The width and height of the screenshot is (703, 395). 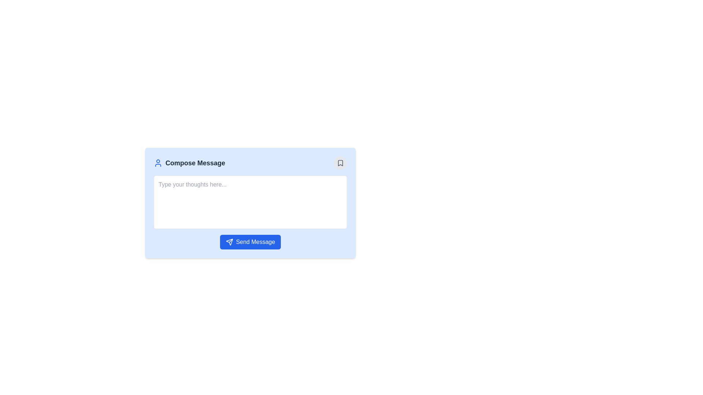 I want to click on the user profile icon, which is styled as an outlined human figure in blue, located to the left of the 'Compose Message' text, so click(x=158, y=163).